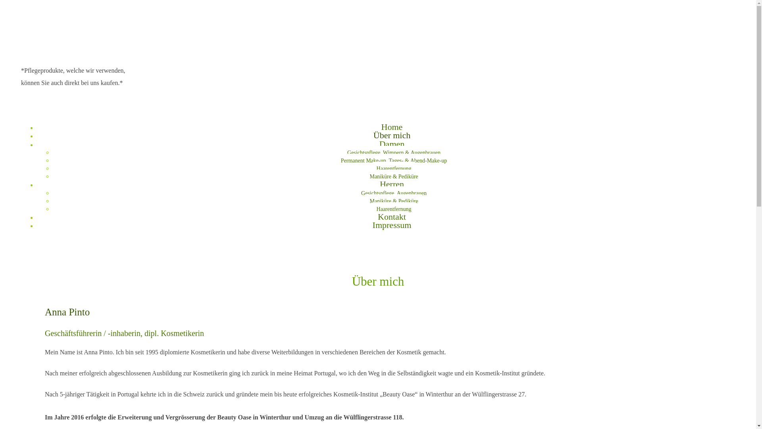  Describe the element at coordinates (343, 153) in the screenshot. I see `'Gesichtspflege, Wimpern & Augenbrauen'` at that location.